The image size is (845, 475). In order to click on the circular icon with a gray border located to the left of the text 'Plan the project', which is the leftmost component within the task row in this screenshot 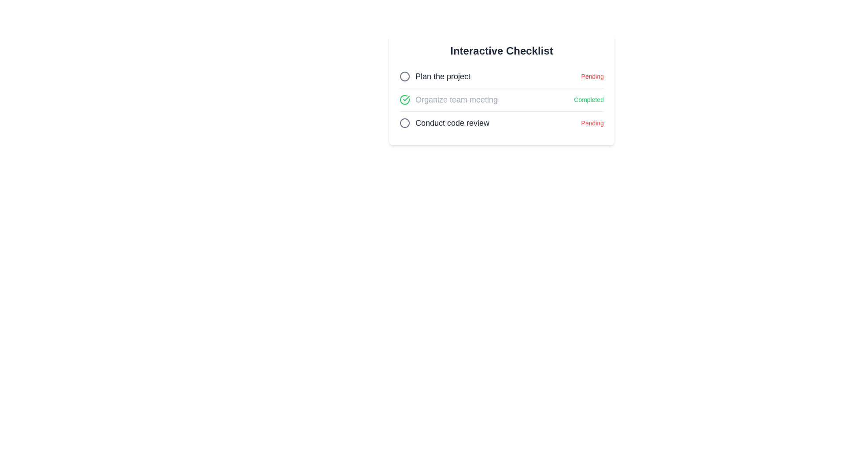, I will do `click(404, 76)`.